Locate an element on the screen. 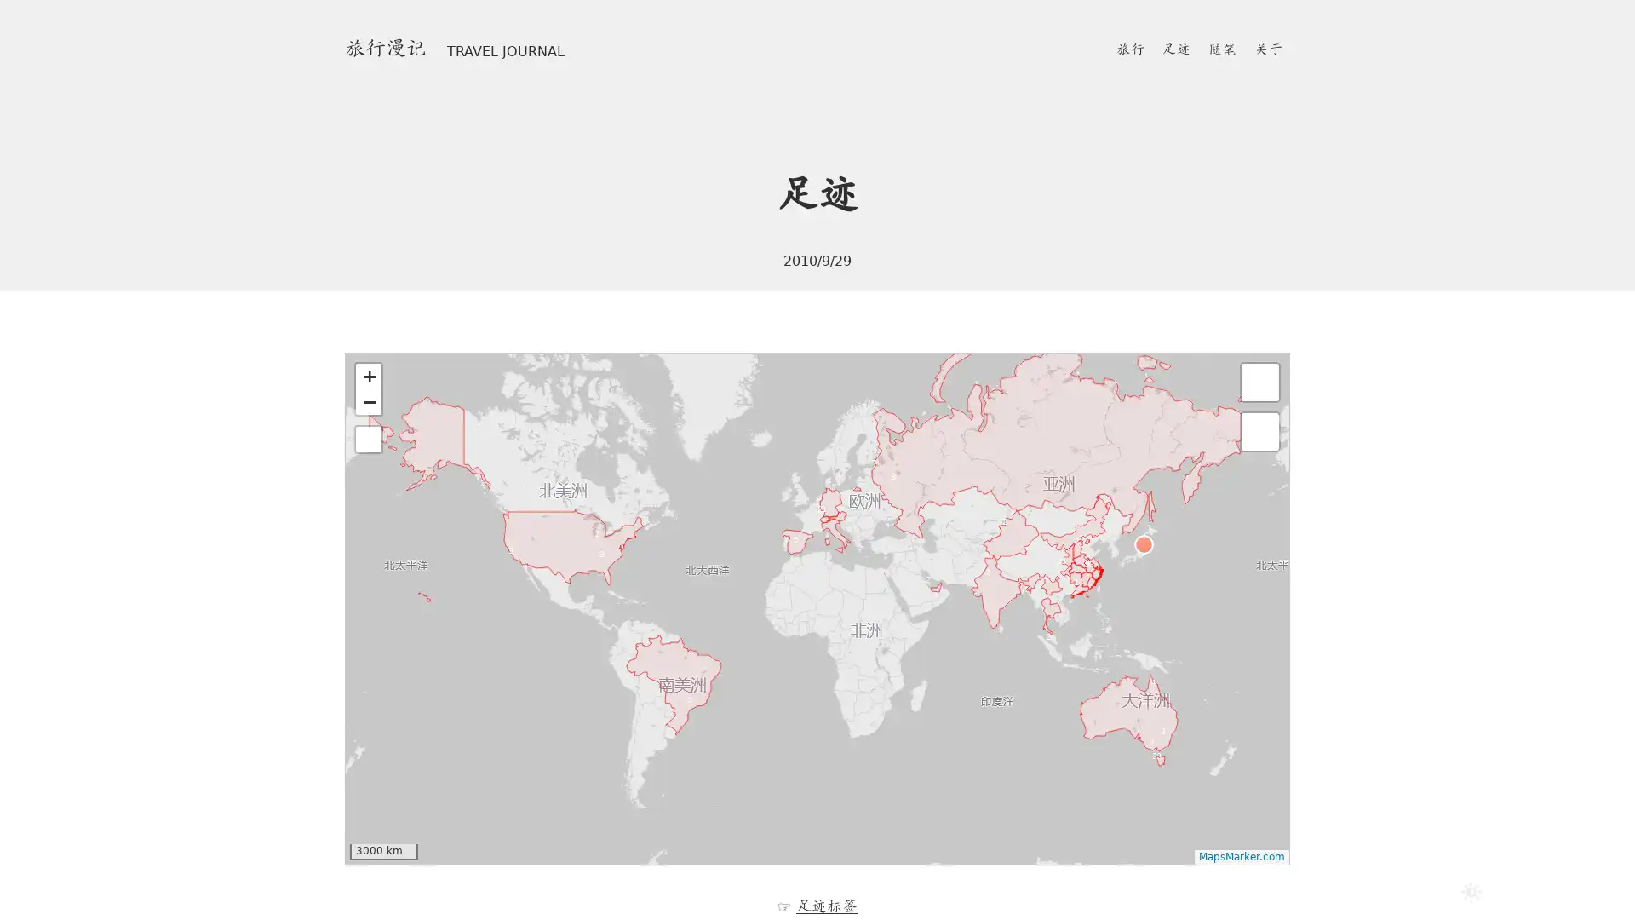 The width and height of the screenshot is (1635, 920). 2 is located at coordinates (1010, 526).